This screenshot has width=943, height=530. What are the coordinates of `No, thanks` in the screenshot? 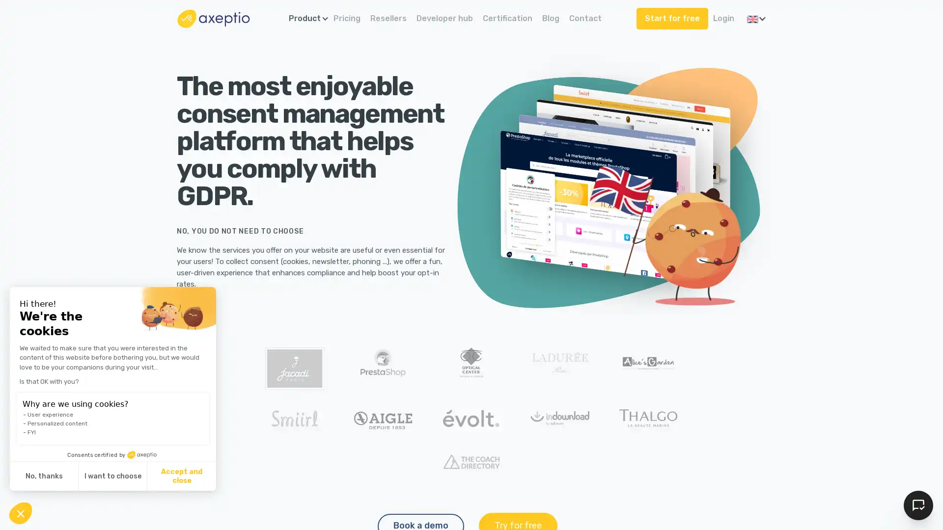 It's located at (44, 476).